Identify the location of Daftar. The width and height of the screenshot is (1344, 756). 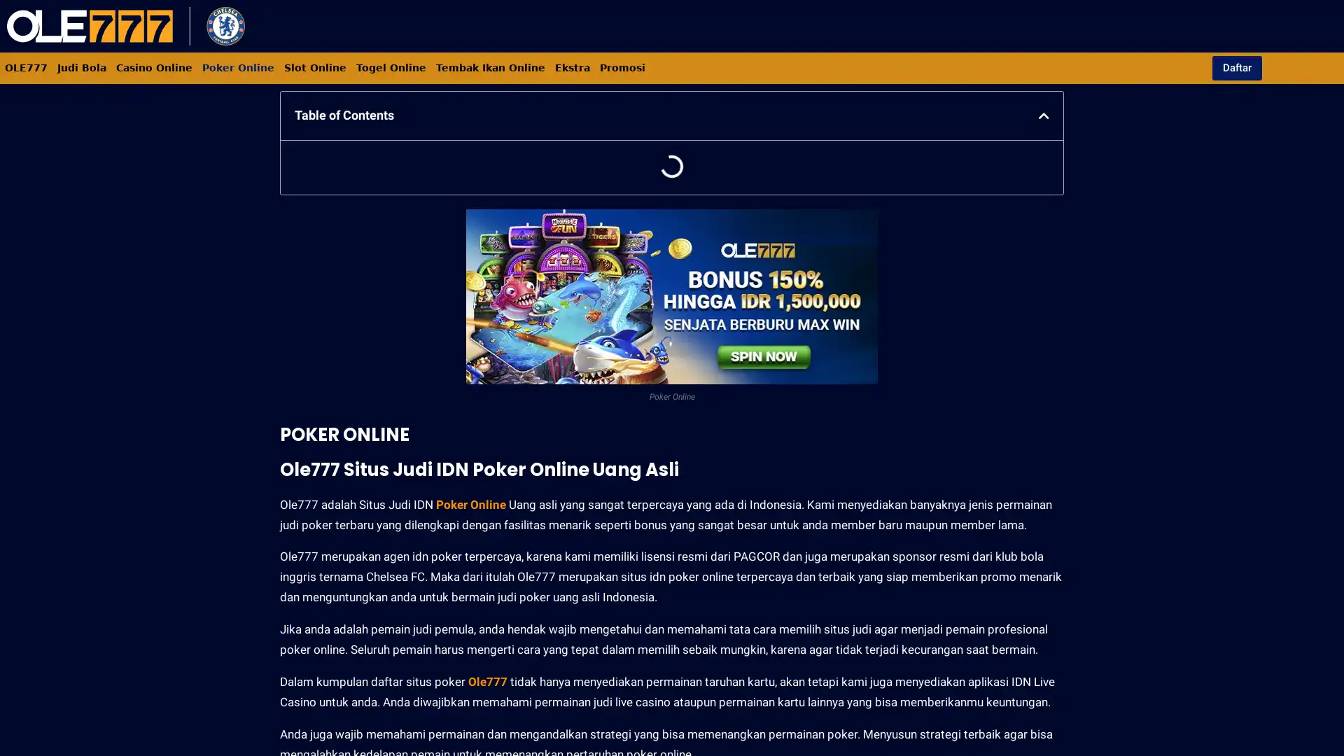
(1236, 67).